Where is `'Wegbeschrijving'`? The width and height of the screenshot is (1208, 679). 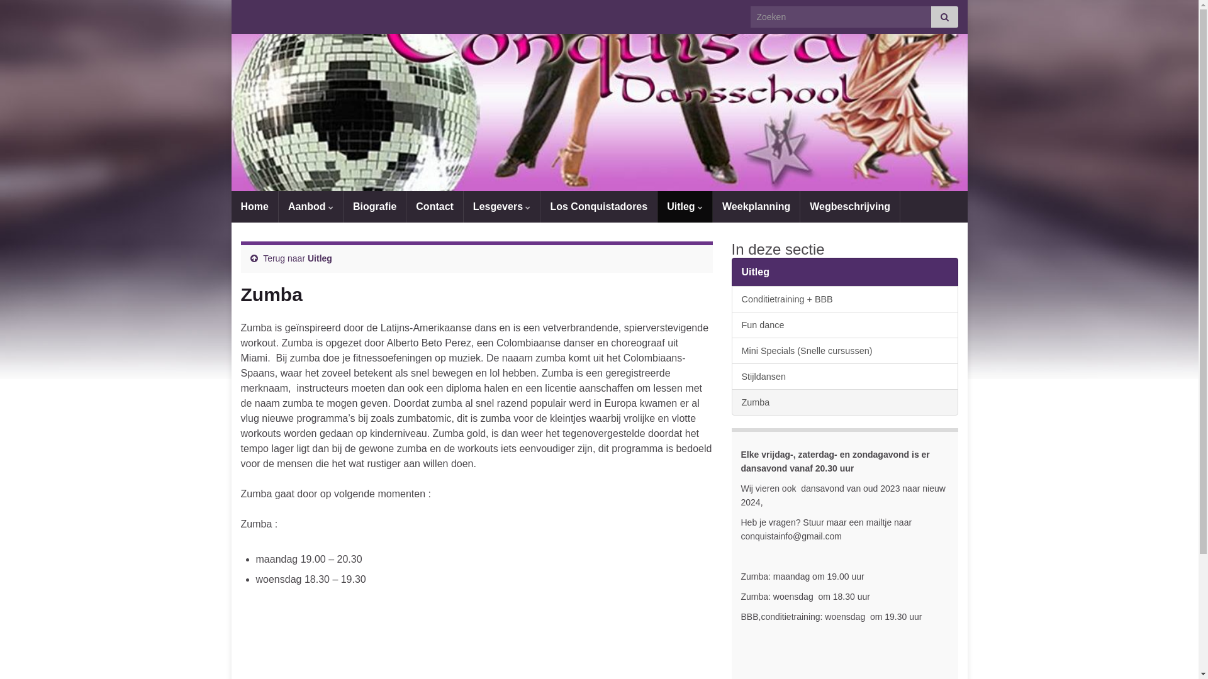
'Wegbeschrijving' is located at coordinates (849, 206).